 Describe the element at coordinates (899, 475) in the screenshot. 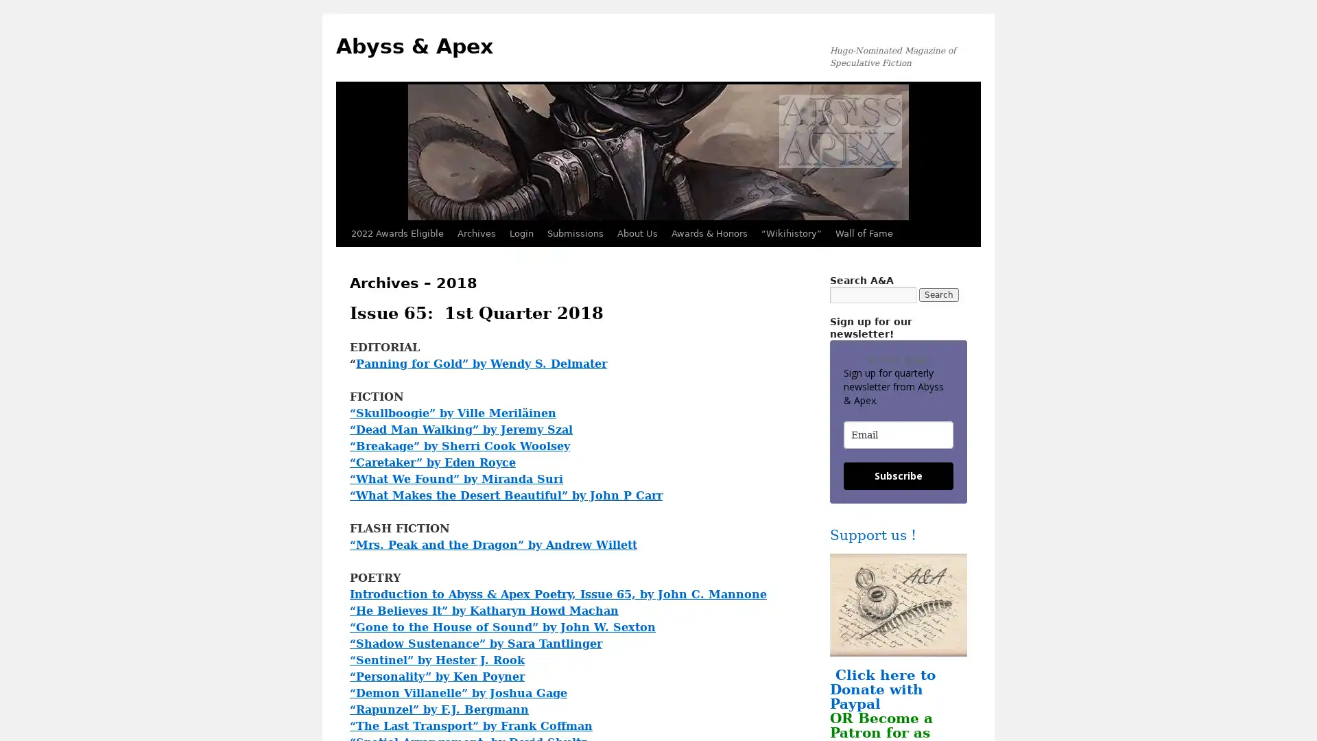

I see `Subscribe` at that location.